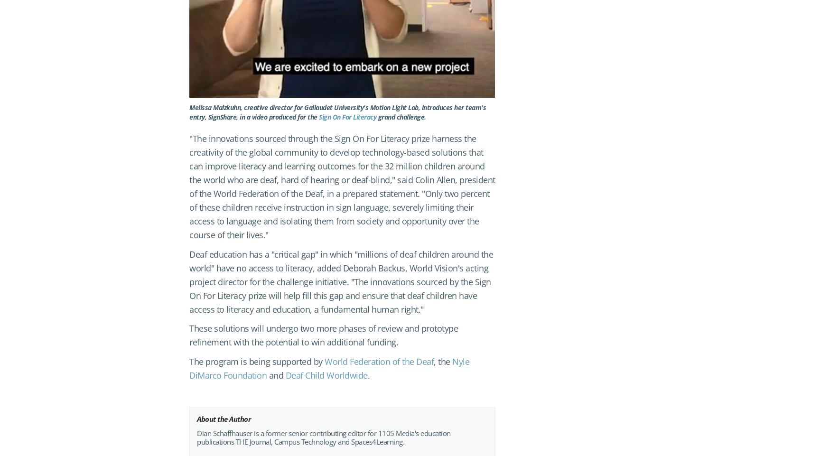 The width and height of the screenshot is (839, 456). I want to click on 'grand challenge.', so click(401, 116).